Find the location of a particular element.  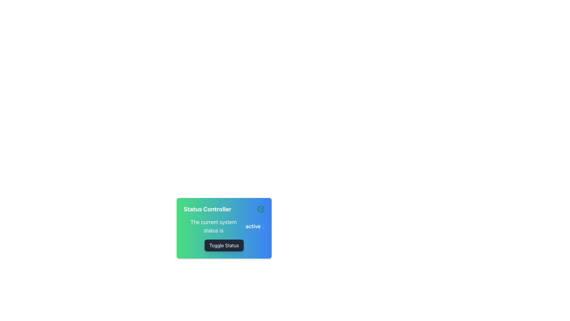

the Text Label that serves as a header or title indicating the purpose of the section for managing or displaying the status of a system, located near the center of the interface is located at coordinates (224, 209).